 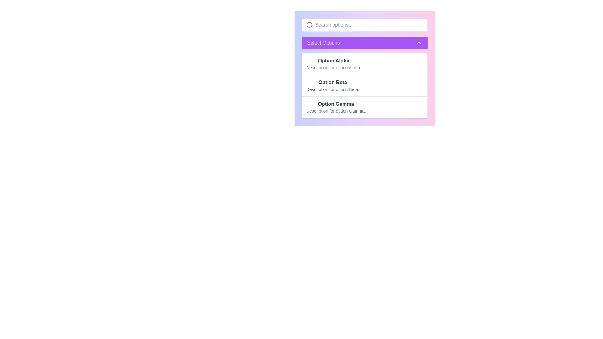 I want to click on the text label that serves as the title of the first selectable option in the dropdown list, located just below the 'Select Options' header, so click(x=333, y=61).